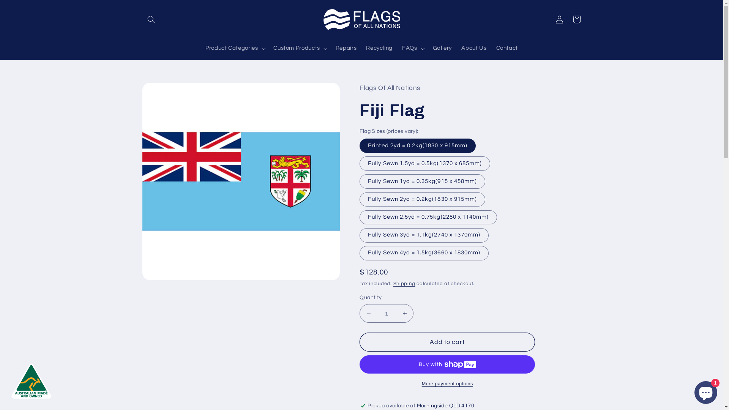 This screenshot has height=410, width=729. Describe the element at coordinates (346, 48) in the screenshot. I see `'Repairs'` at that location.